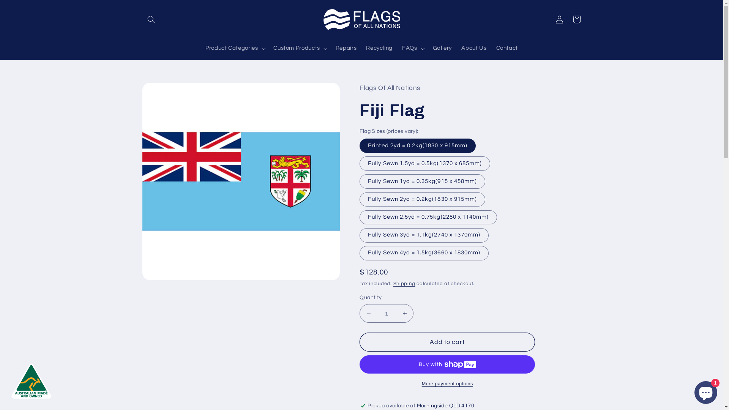 This screenshot has height=410, width=729. Describe the element at coordinates (346, 48) in the screenshot. I see `'Repairs'` at that location.